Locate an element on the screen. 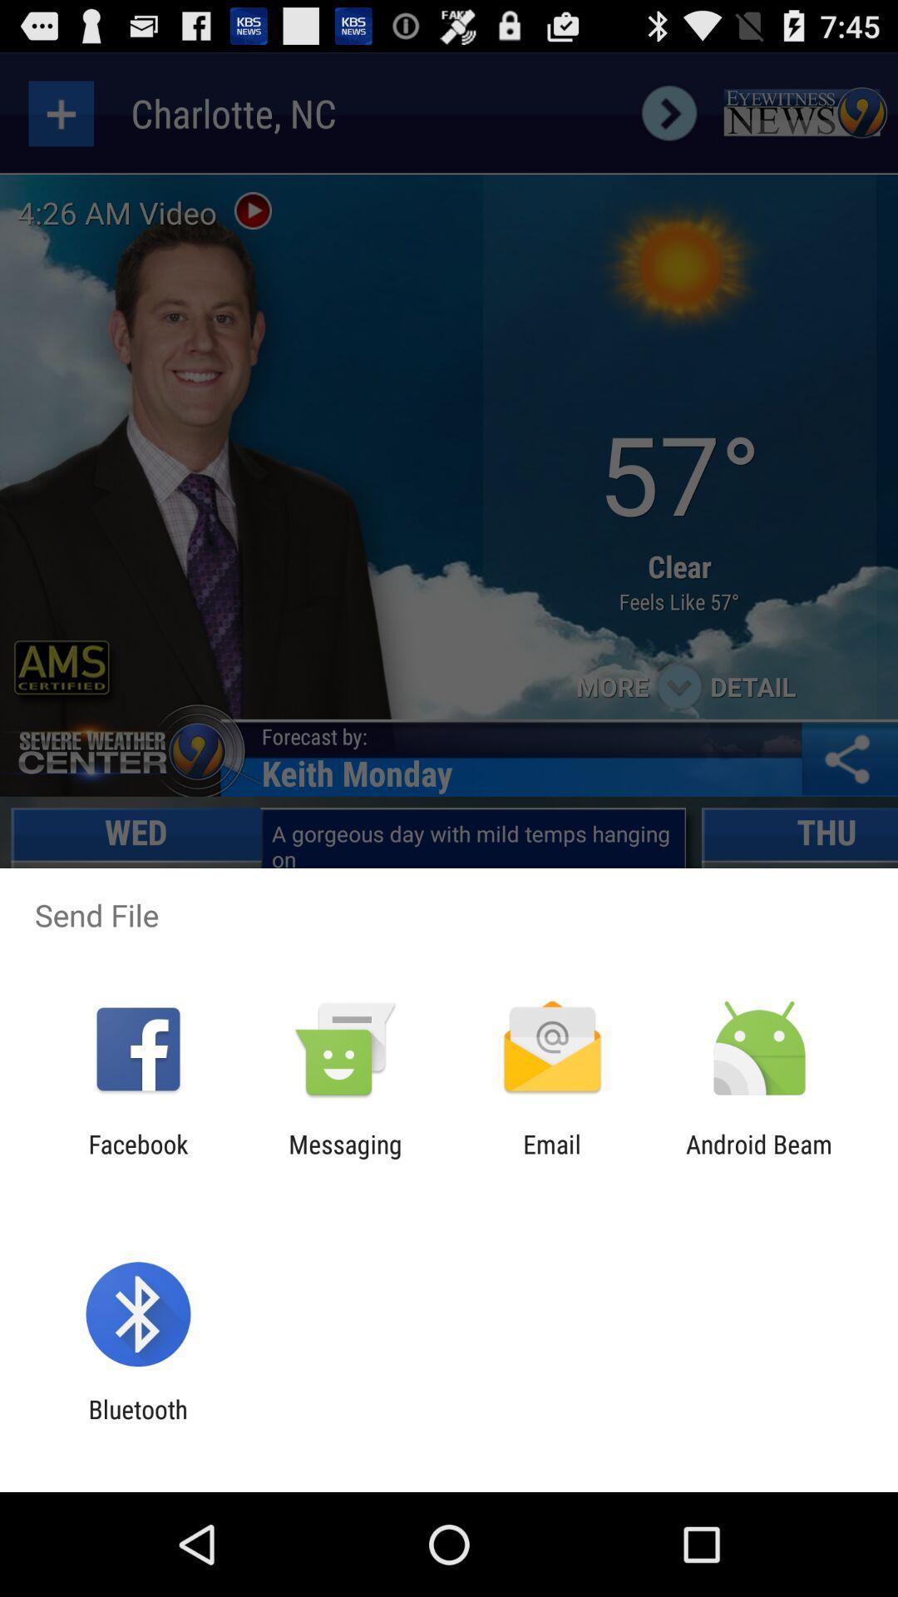  messaging icon is located at coordinates (344, 1158).